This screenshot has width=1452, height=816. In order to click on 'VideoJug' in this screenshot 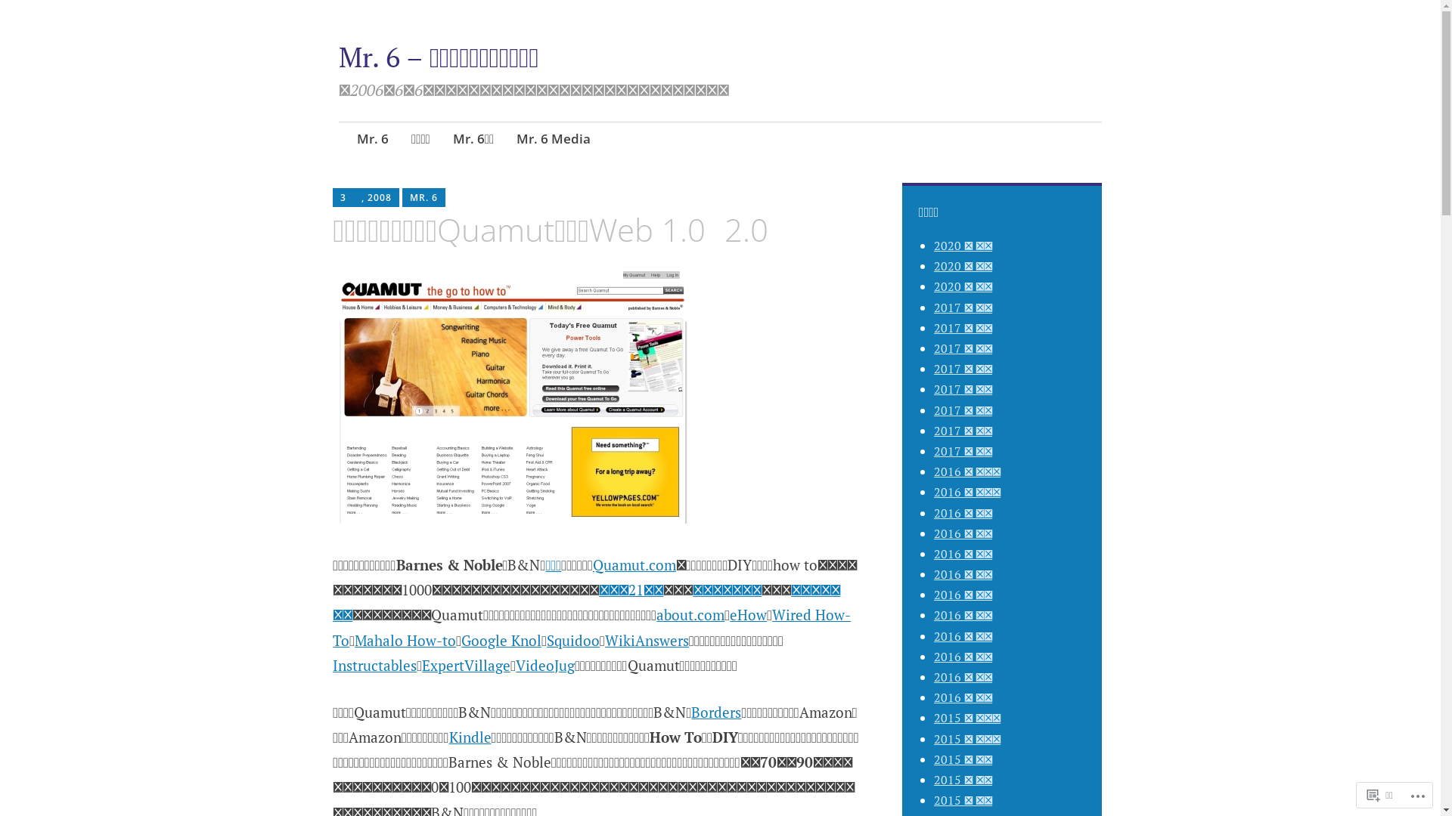, I will do `click(544, 664)`.